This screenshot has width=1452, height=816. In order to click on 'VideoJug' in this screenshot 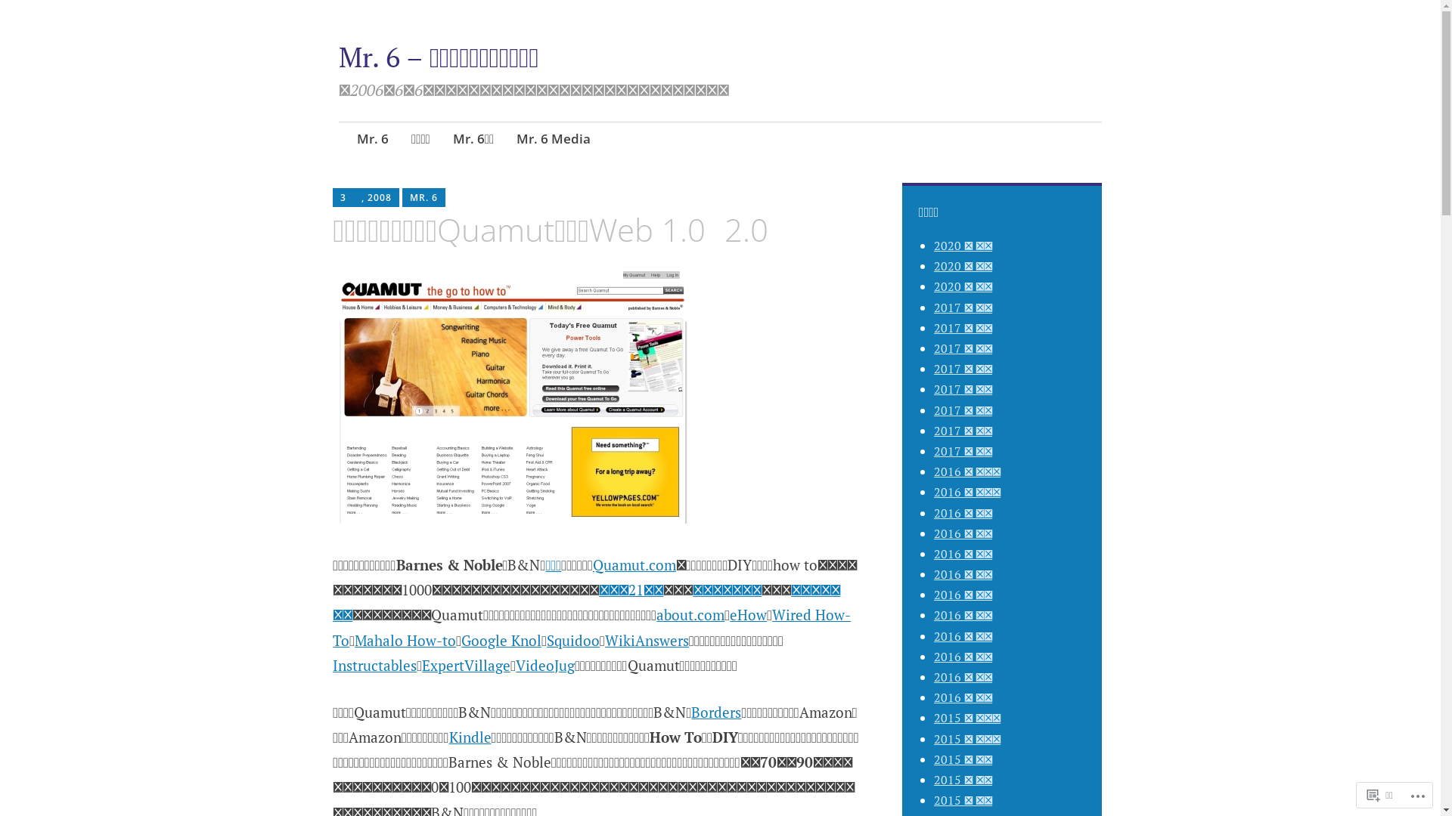, I will do `click(544, 664)`.